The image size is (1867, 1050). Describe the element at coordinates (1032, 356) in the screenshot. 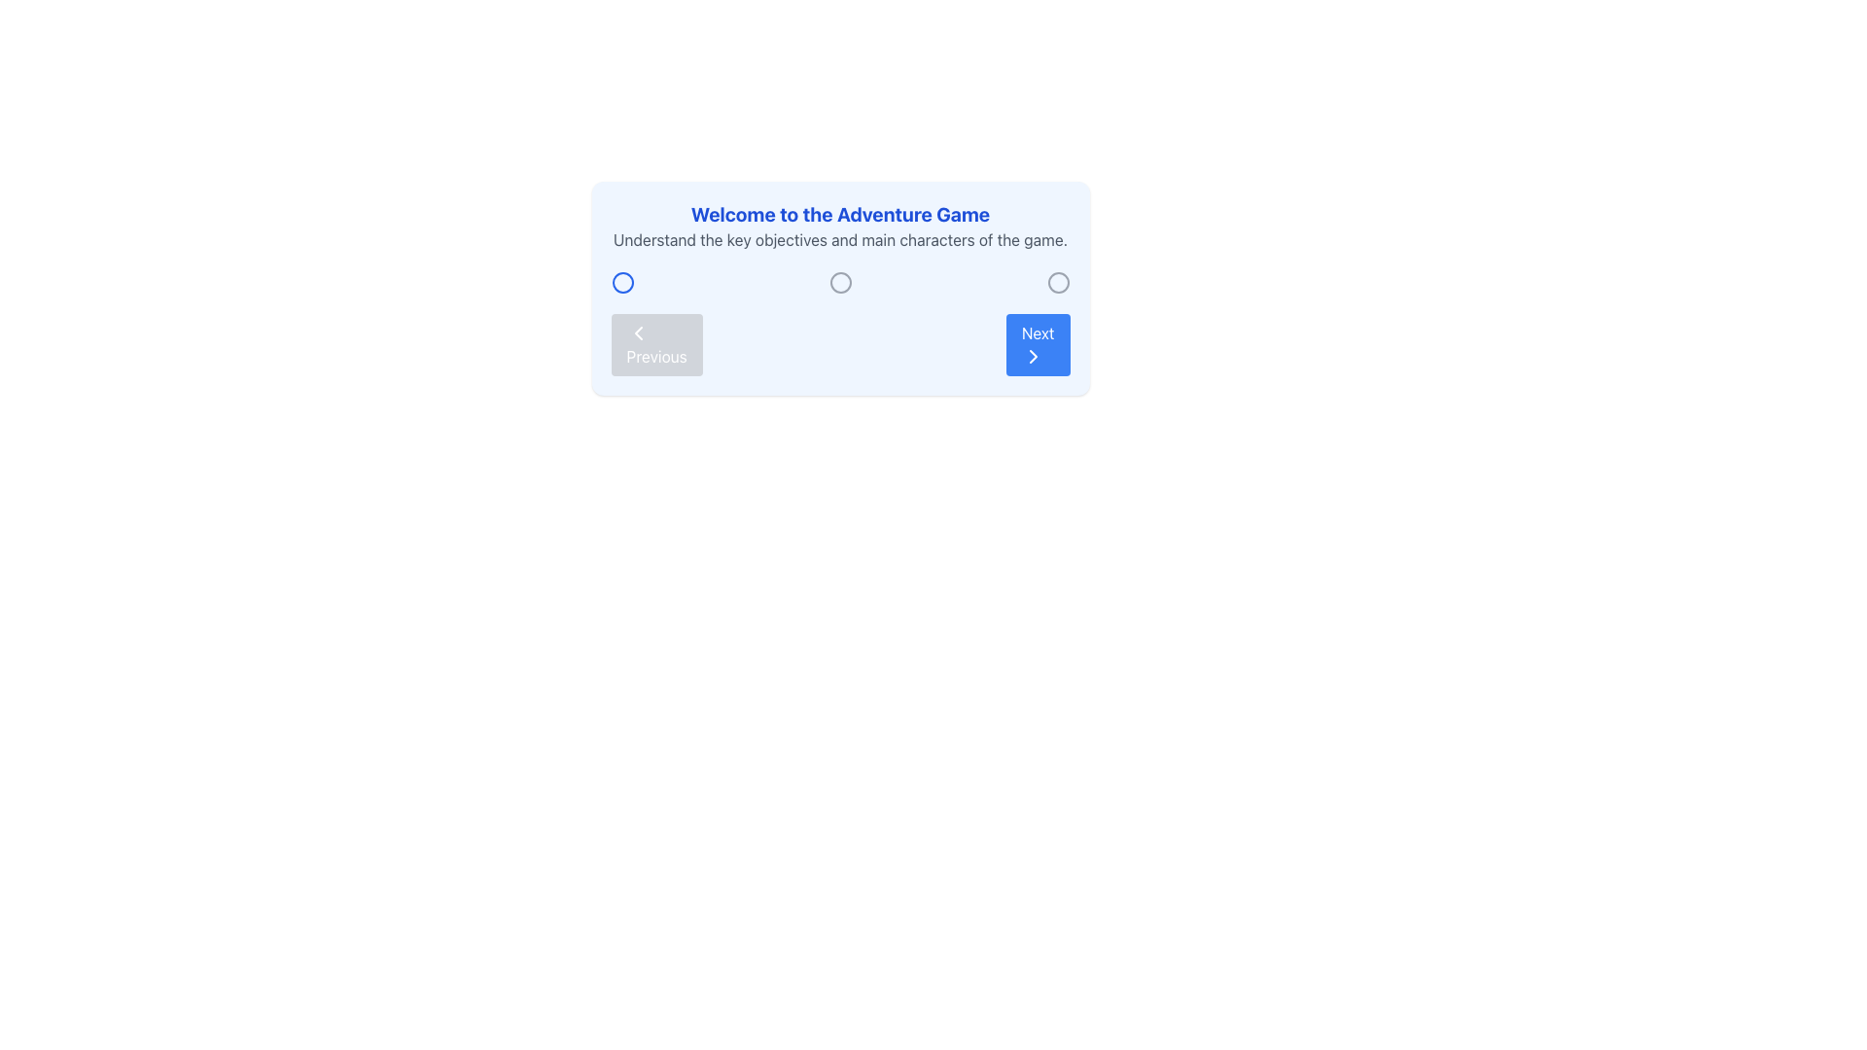

I see `the right-facing chevron icon within the blue 'Next' button` at that location.